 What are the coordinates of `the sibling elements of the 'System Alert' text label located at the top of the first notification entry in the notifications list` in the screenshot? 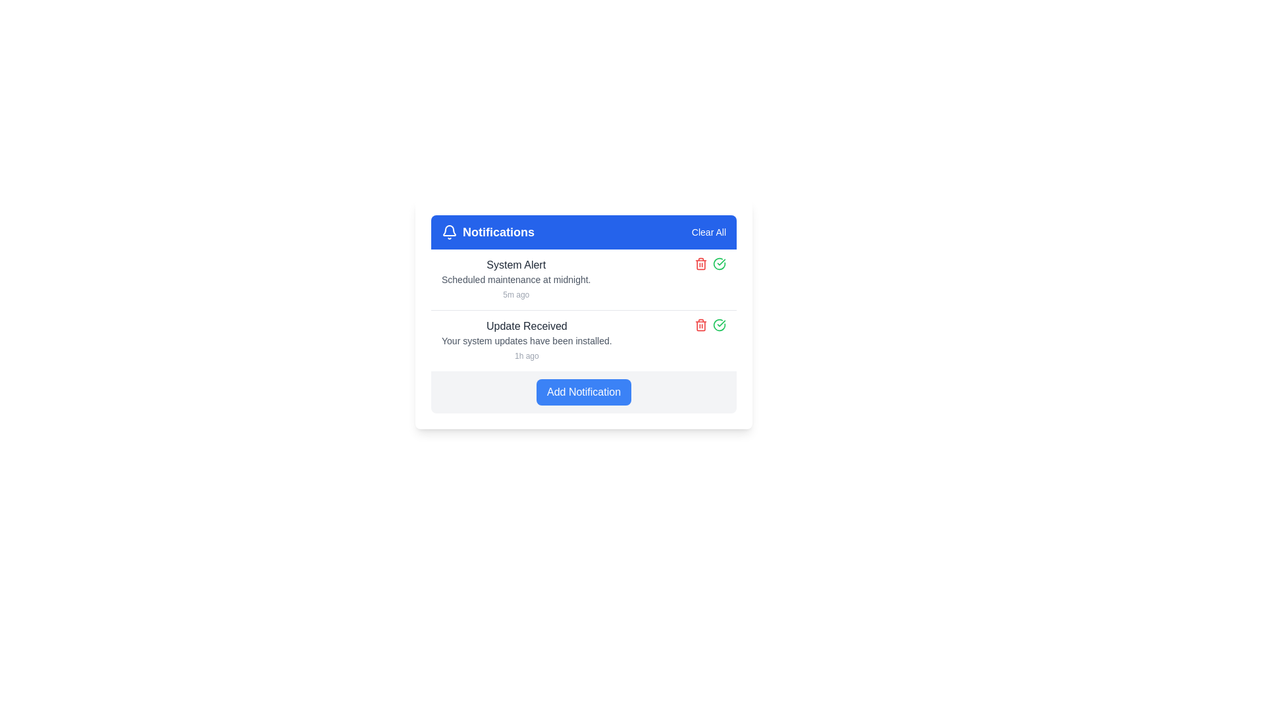 It's located at (515, 265).